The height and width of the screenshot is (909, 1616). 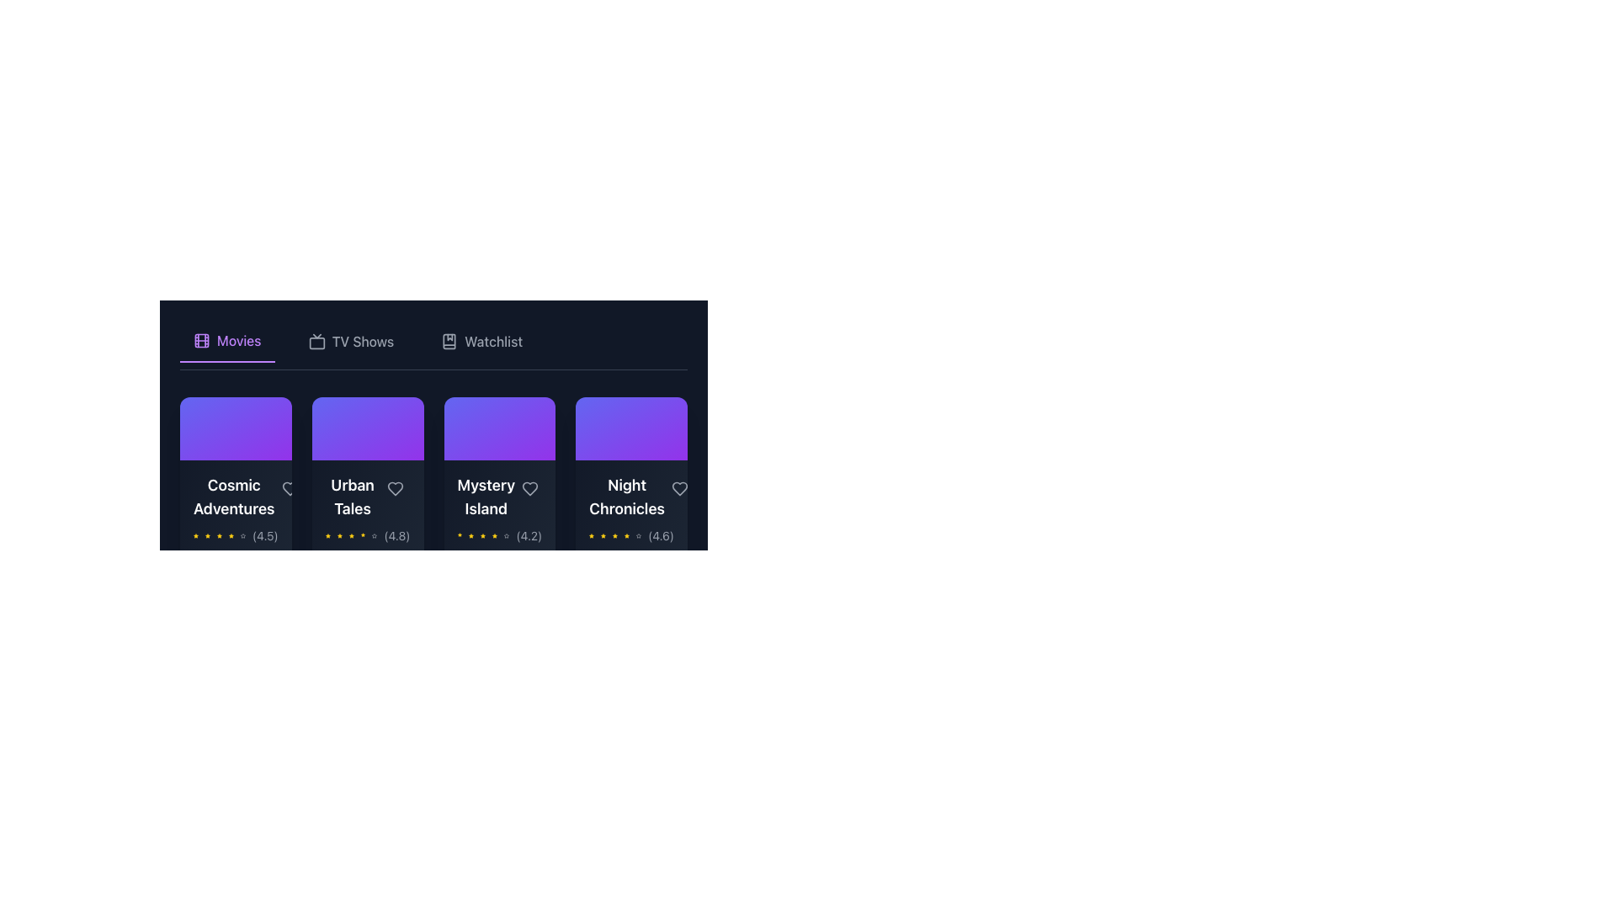 I want to click on the heart-shaped icon styled in gray, located to the right of the text 'Mystery Island', so click(x=529, y=488).